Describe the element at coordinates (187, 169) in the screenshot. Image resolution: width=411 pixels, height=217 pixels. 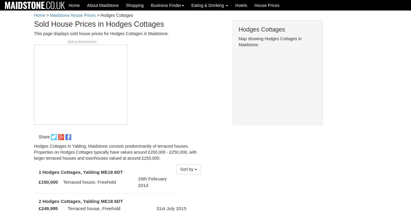
I see `'Sort by'` at that location.